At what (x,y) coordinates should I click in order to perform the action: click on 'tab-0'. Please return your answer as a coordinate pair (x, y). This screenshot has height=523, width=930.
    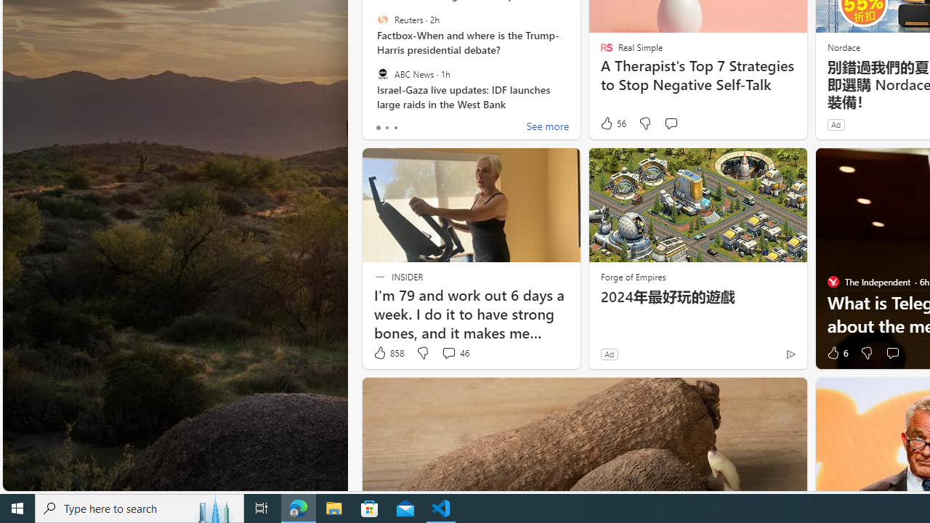
    Looking at the image, I should click on (378, 127).